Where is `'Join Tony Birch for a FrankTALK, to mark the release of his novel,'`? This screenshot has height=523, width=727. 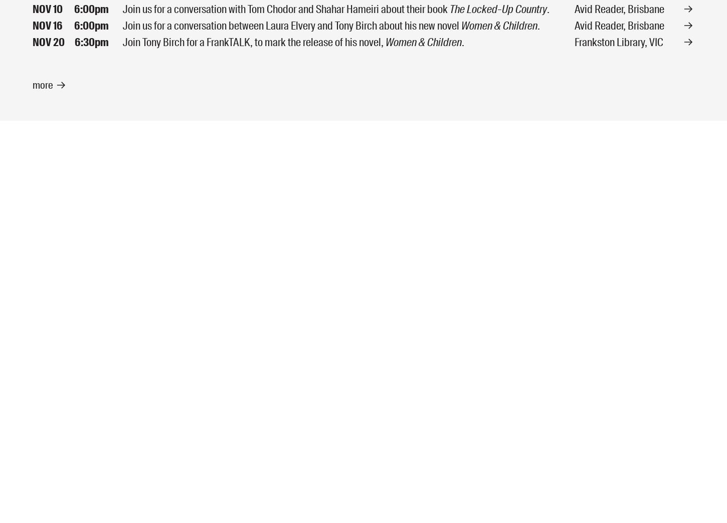
'Join Tony Birch for a FrankTALK, to mark the release of his novel,' is located at coordinates (254, 42).